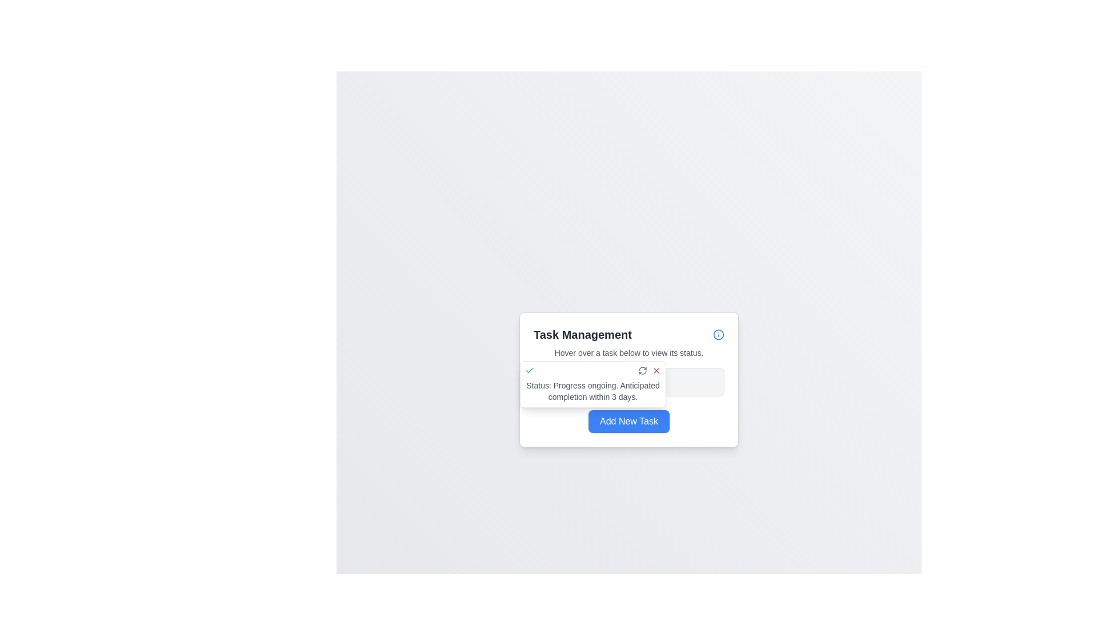 Image resolution: width=1097 pixels, height=617 pixels. I want to click on the static informational text that conveys the status of an ongoing task, so click(592, 391).